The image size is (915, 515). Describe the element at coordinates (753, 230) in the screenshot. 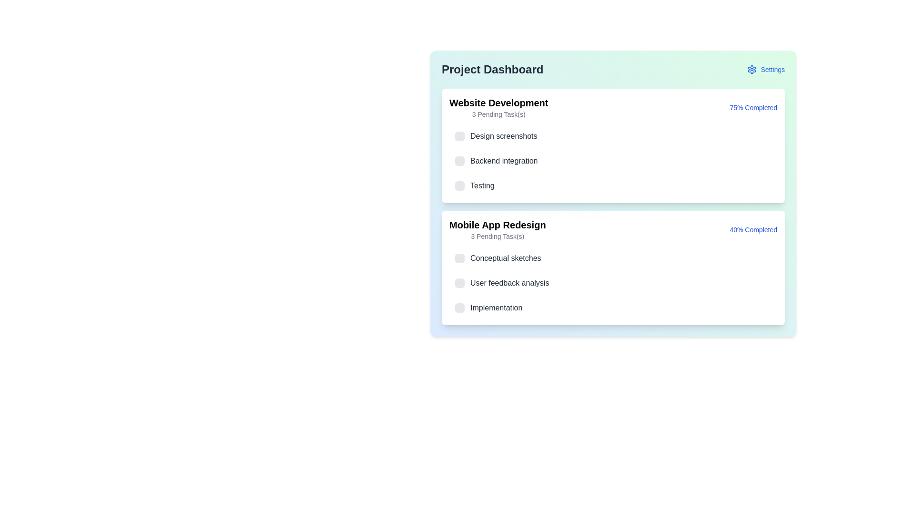

I see `the text label displaying '40% Completed' in the bottom-right corner of the 'Mobile App Redesign' project card` at that location.